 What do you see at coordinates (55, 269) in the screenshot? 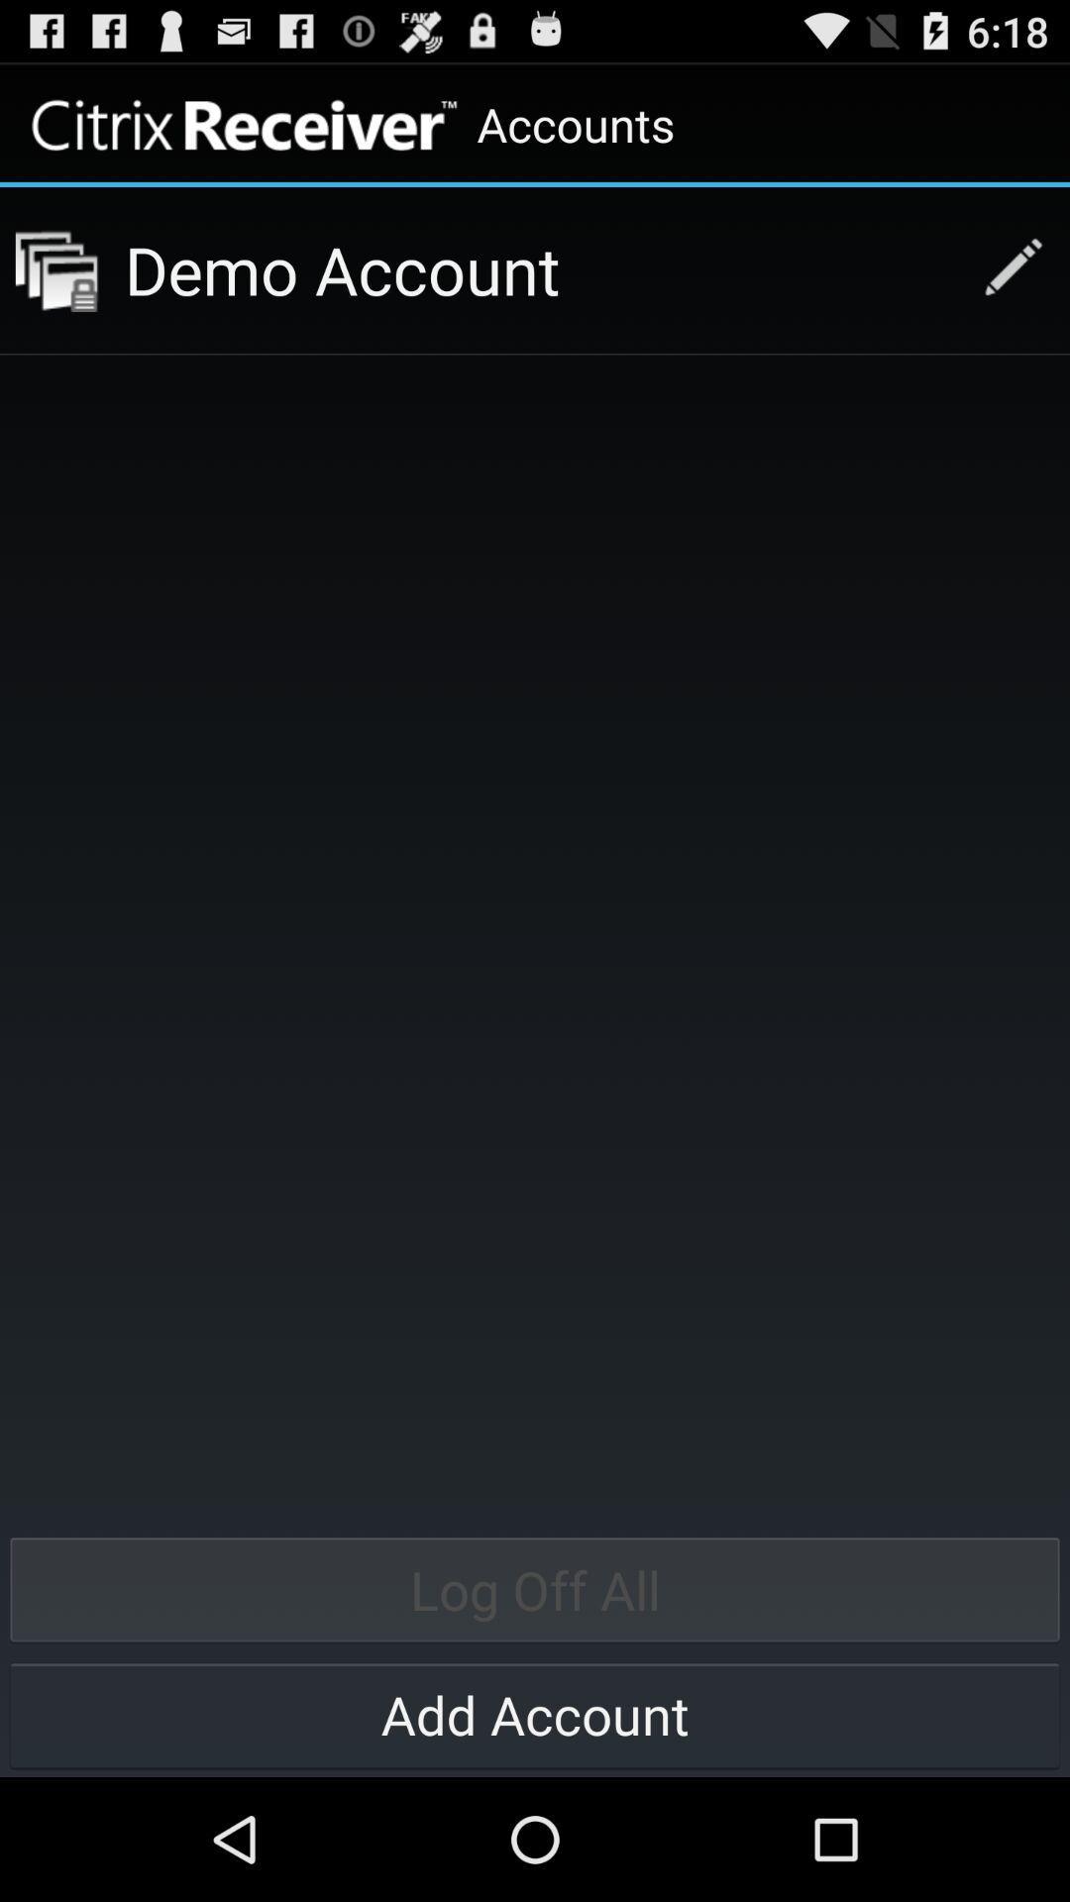
I see `item above the log off all item` at bounding box center [55, 269].